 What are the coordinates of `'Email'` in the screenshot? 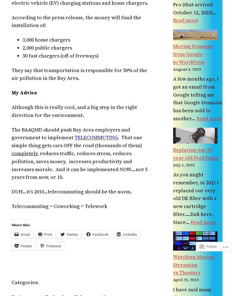 It's located at (20, 234).